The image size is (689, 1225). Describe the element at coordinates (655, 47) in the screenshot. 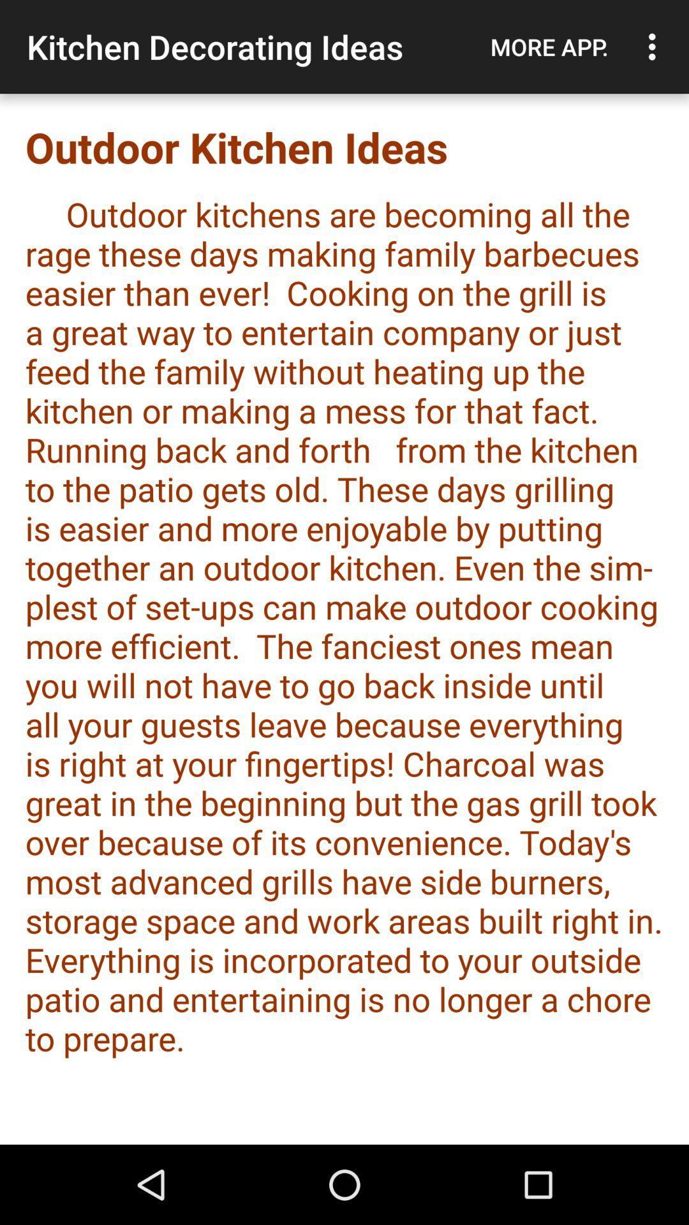

I see `the item to the right of the more app.` at that location.